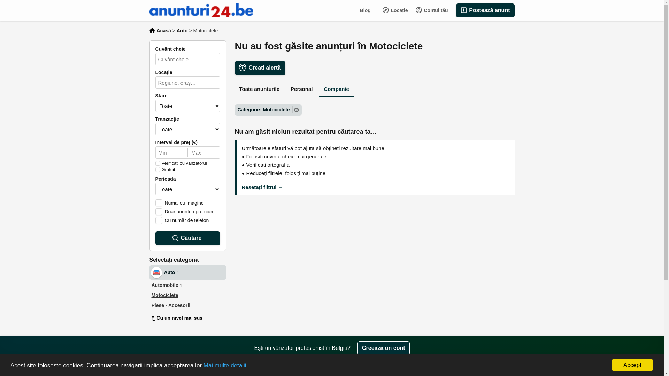 The image size is (669, 376). I want to click on 'Cu un nivel mai sus', so click(187, 318).